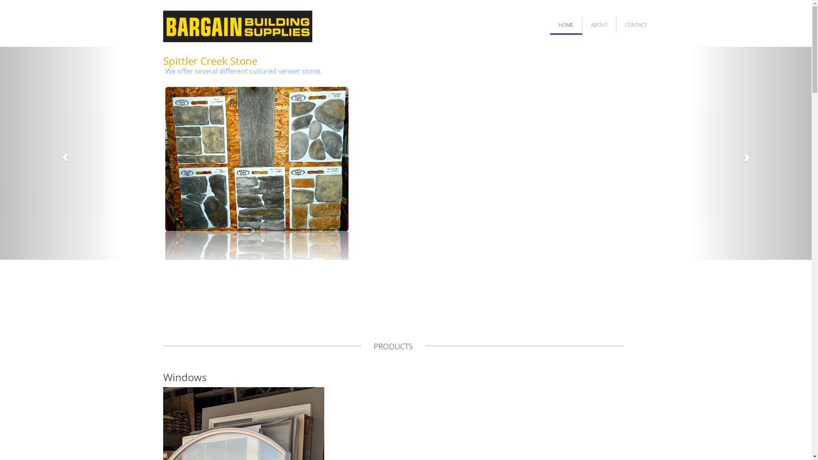 This screenshot has width=818, height=460. I want to click on 'ABOUT', so click(582, 24).